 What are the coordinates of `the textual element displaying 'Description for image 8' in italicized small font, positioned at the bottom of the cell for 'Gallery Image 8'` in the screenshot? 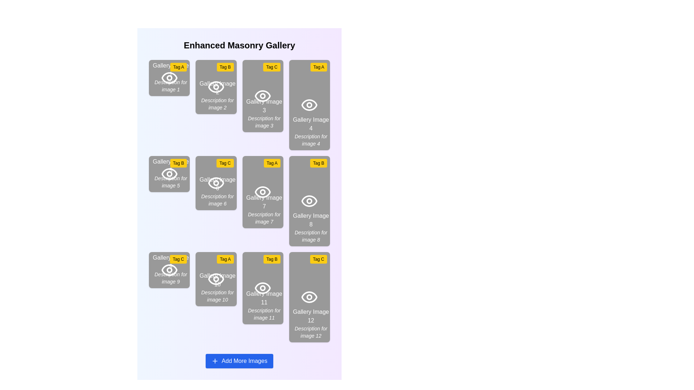 It's located at (311, 236).